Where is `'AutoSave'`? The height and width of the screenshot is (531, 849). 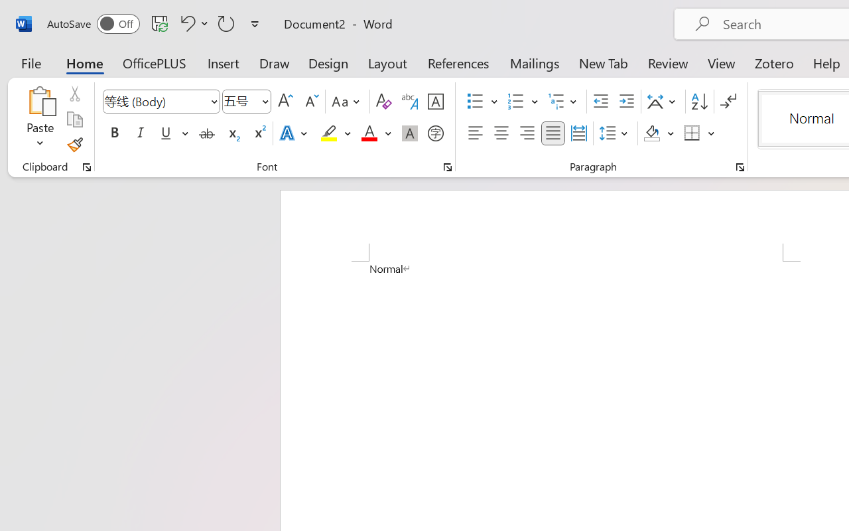 'AutoSave' is located at coordinates (92, 23).